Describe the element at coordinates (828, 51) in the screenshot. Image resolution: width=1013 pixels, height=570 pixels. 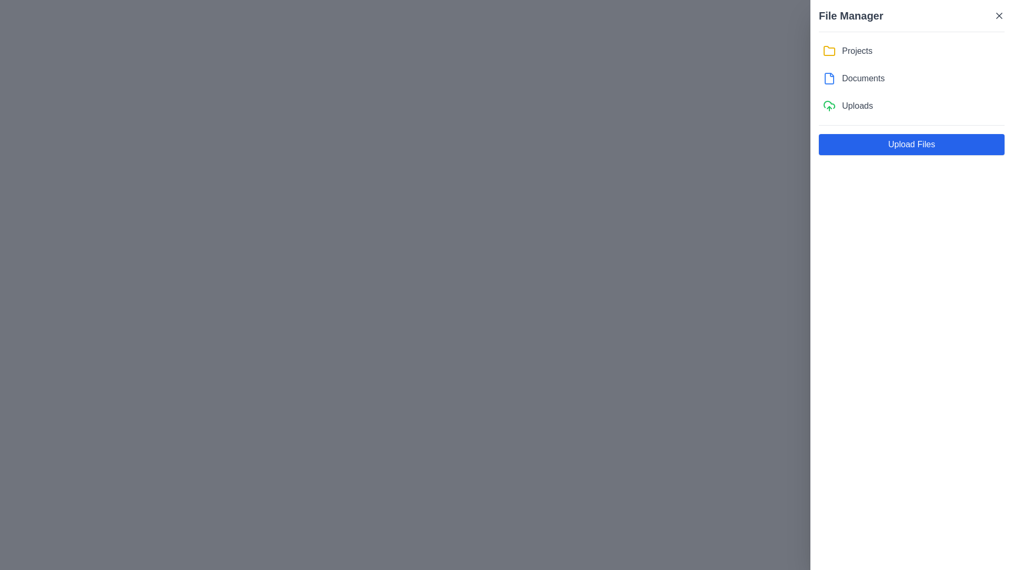
I see `the 'Projects' icon in the file manager sidebar` at that location.